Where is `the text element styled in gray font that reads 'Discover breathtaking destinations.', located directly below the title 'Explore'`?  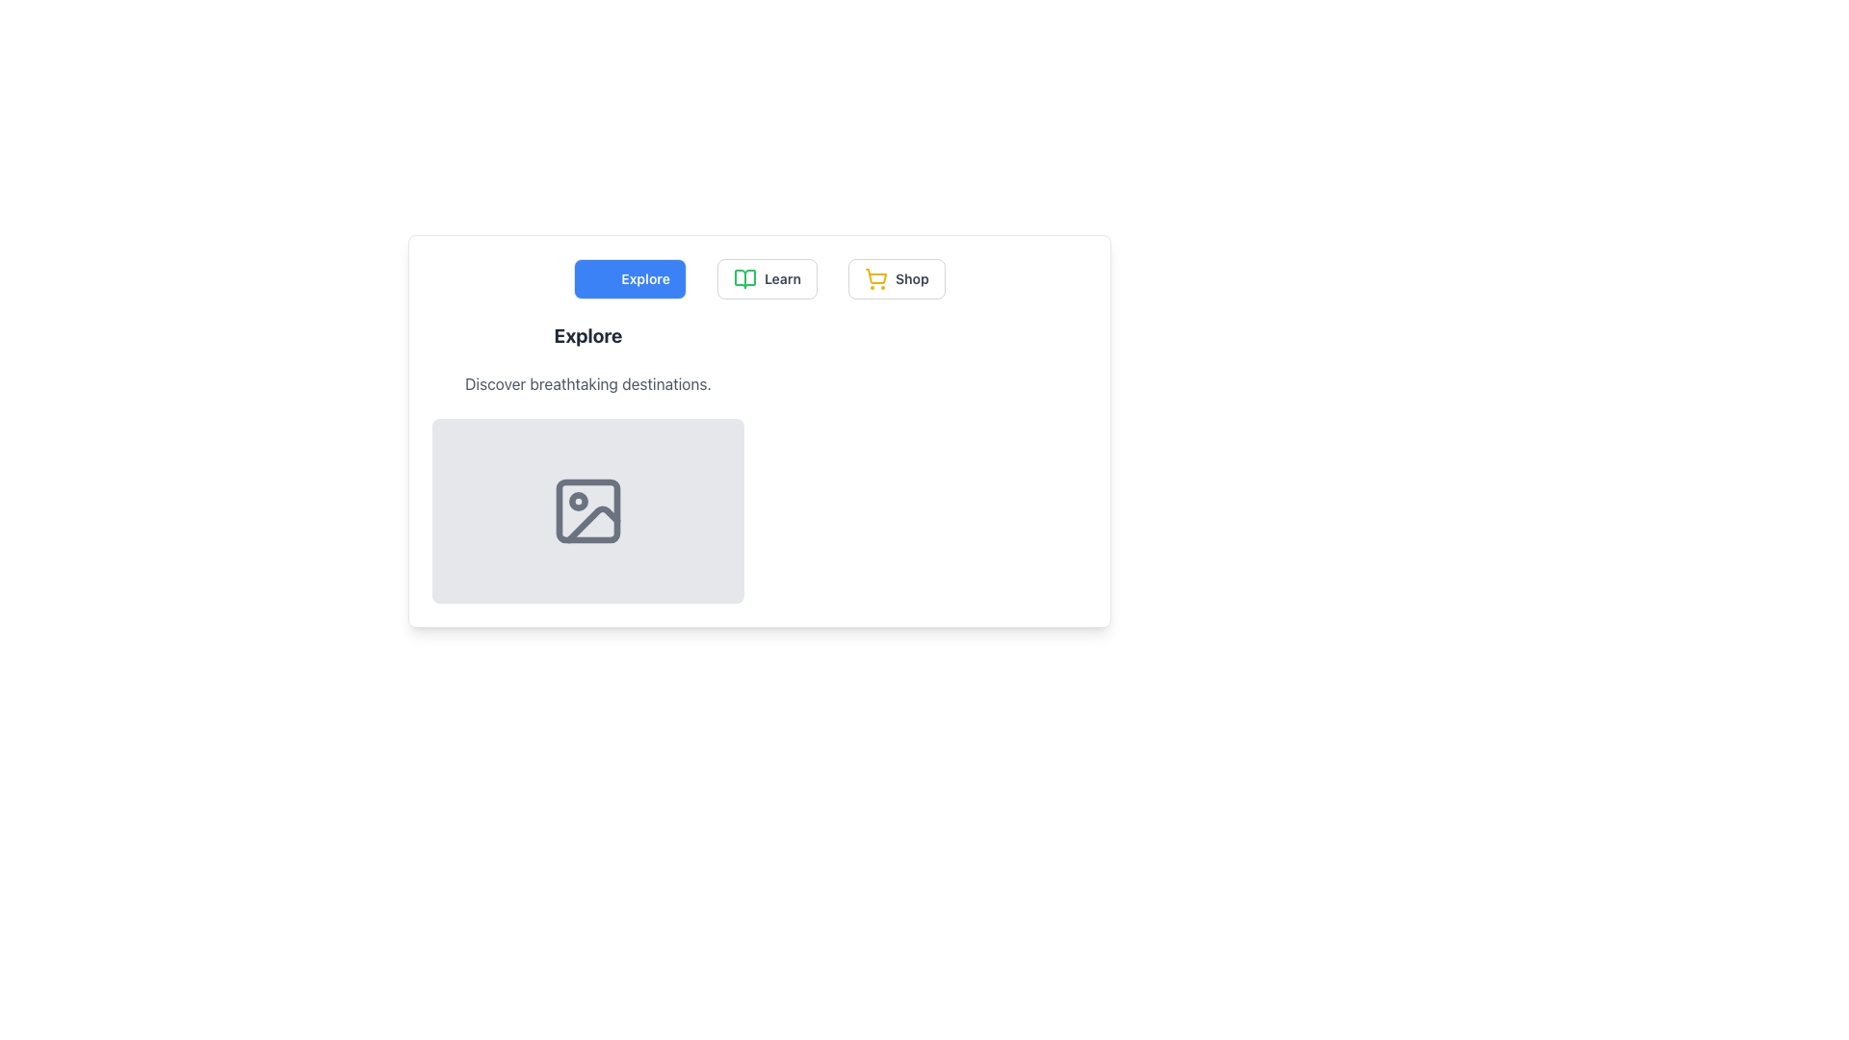 the text element styled in gray font that reads 'Discover breathtaking destinations.', located directly below the title 'Explore' is located at coordinates (586, 383).